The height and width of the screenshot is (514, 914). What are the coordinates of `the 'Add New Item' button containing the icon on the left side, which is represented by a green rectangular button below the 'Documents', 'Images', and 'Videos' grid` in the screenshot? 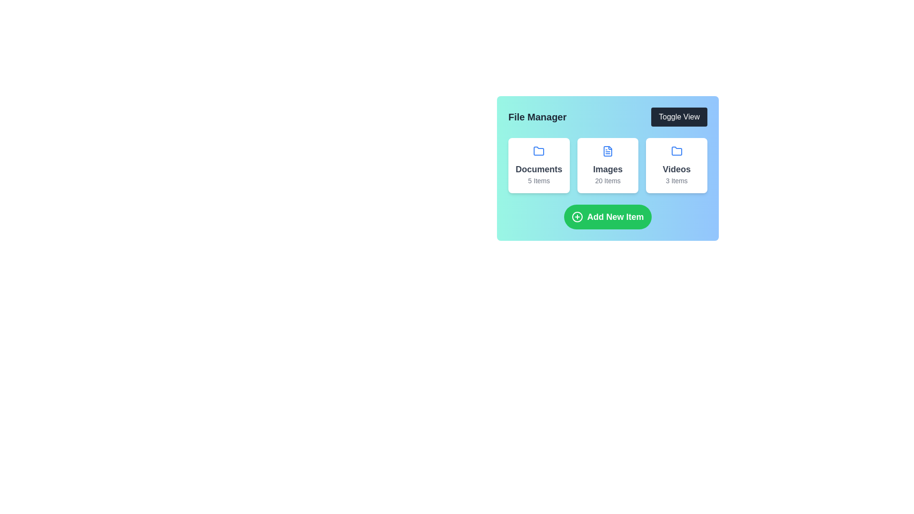 It's located at (577, 217).